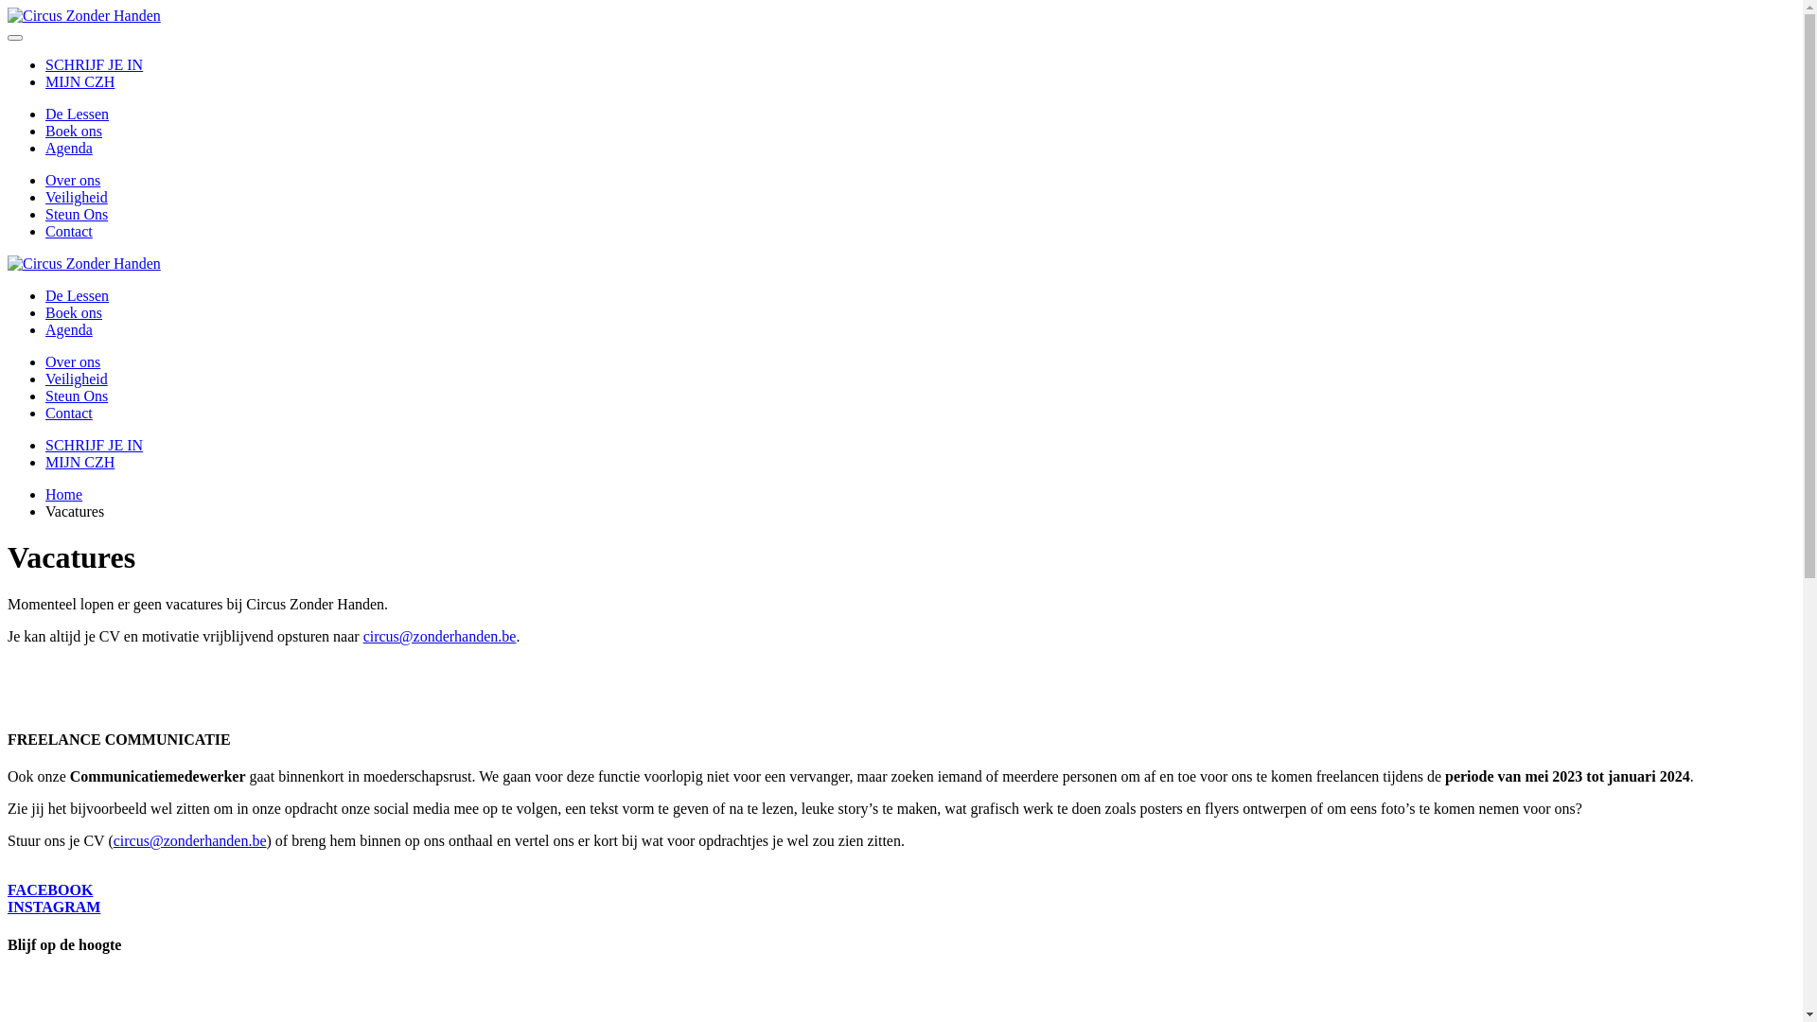 This screenshot has width=1817, height=1022. What do you see at coordinates (63, 493) in the screenshot?
I see `'Home'` at bounding box center [63, 493].